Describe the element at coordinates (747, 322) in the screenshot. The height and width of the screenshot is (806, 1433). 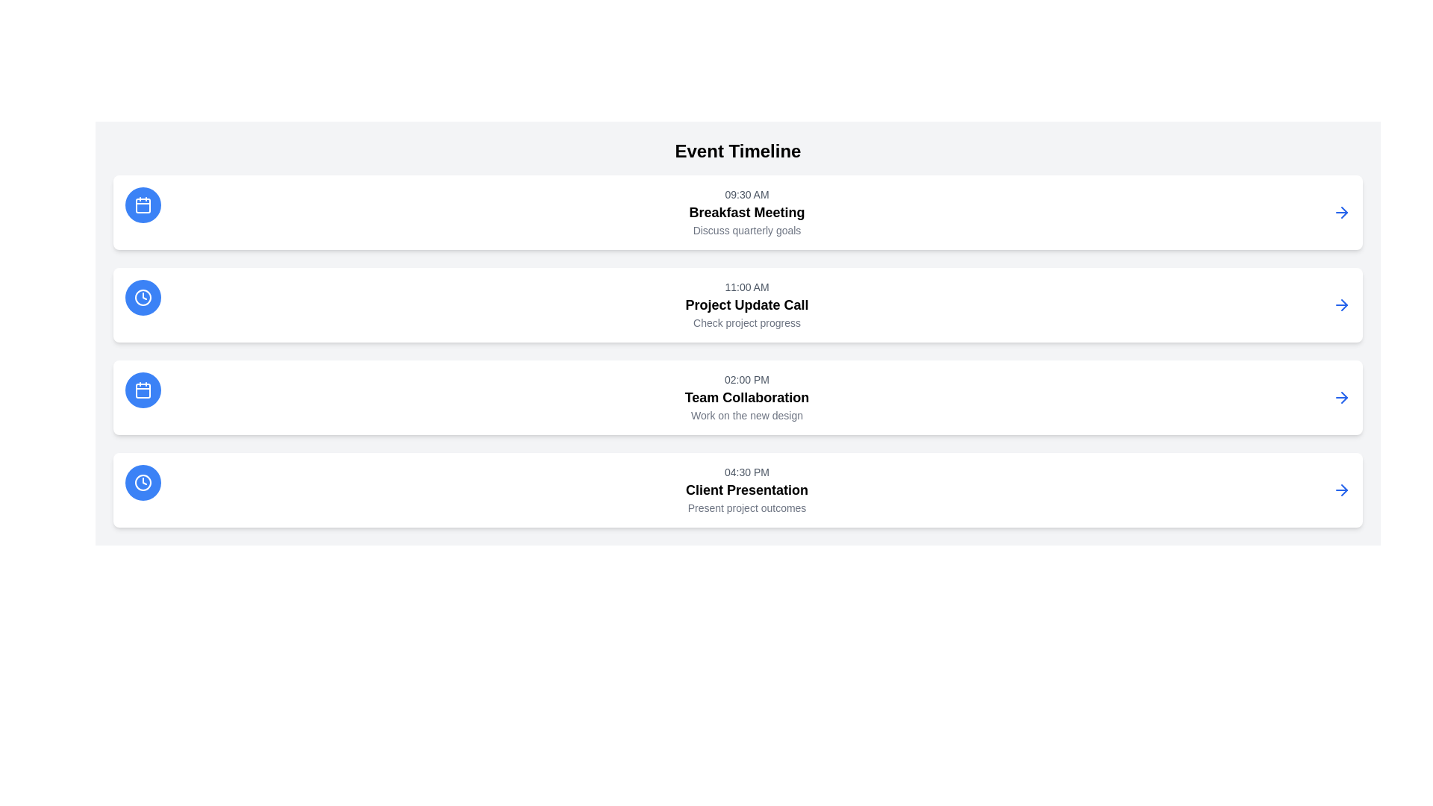
I see `the text label that reads 'Check project progress.' which is styled in a small gray font and is positioned below the title 'Project Update Call.'` at that location.